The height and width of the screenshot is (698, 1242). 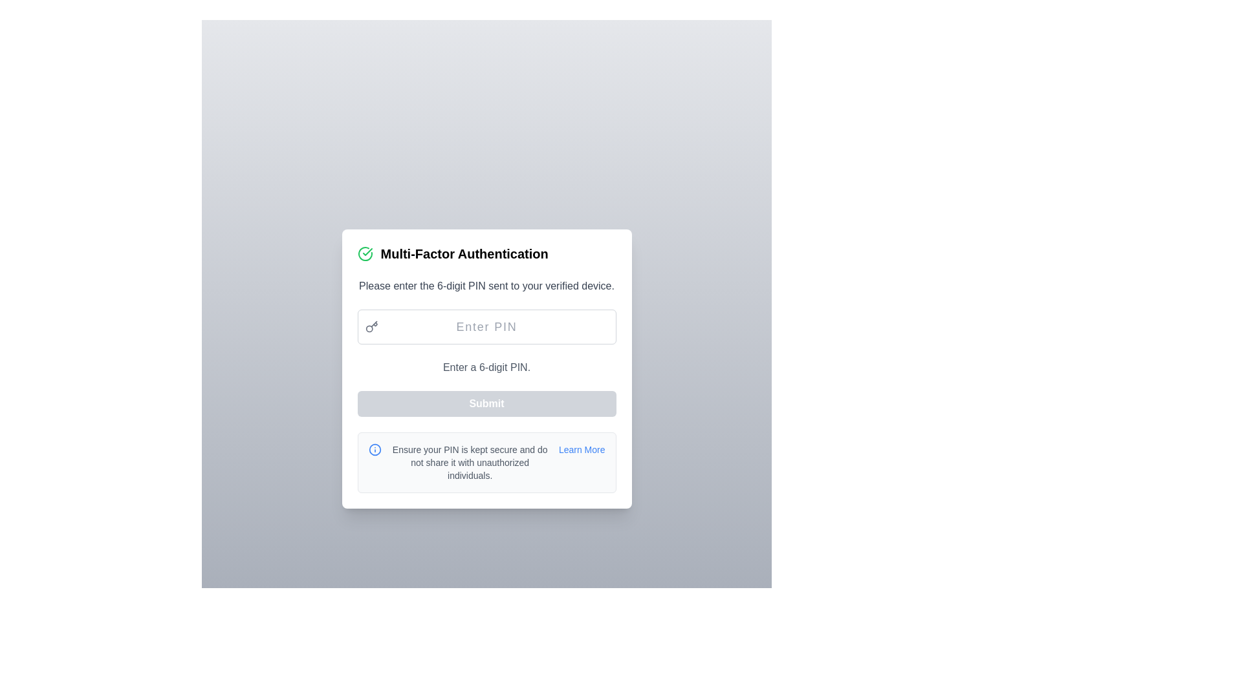 What do you see at coordinates (469, 462) in the screenshot?
I see `text content from the Text Block that states 'Ensure your PIN is kept secure and do not share it with unauthorized individuals.'` at bounding box center [469, 462].